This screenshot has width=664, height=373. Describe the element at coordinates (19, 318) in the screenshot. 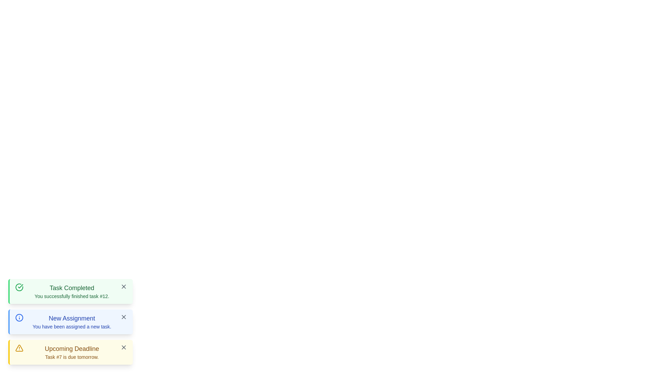

I see `the informational SVG icon at the start of the 'New Assignment' notification card` at that location.